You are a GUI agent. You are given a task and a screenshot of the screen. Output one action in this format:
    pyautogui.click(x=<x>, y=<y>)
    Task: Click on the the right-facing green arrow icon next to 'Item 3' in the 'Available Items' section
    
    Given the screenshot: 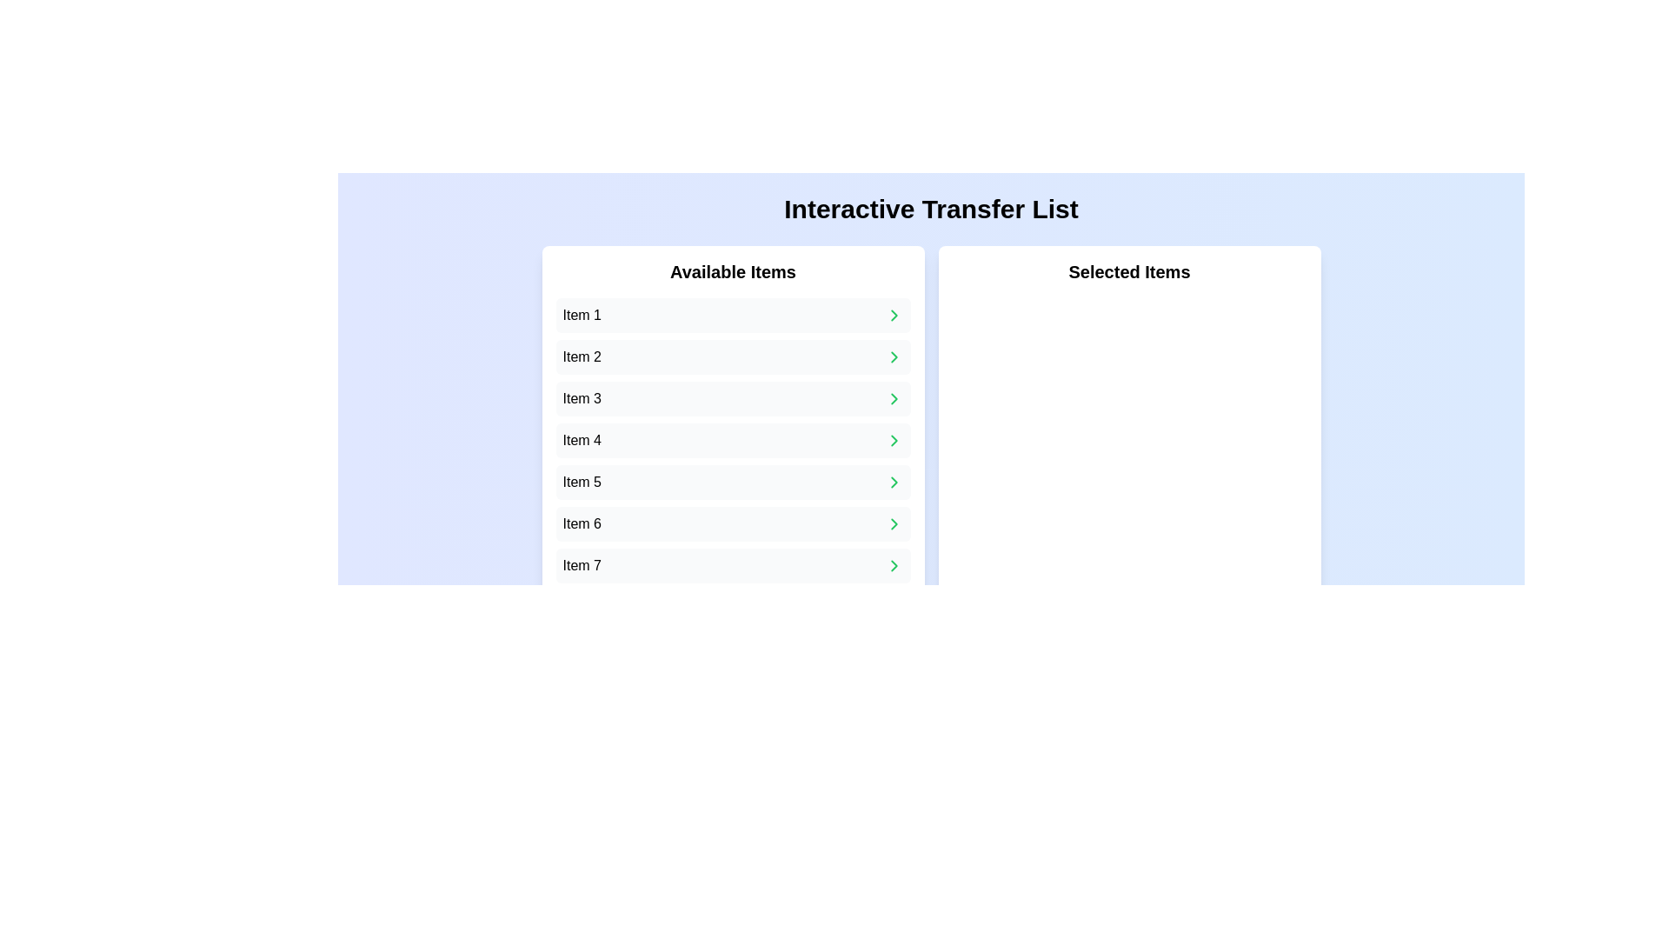 What is the action you would take?
    pyautogui.click(x=894, y=399)
    